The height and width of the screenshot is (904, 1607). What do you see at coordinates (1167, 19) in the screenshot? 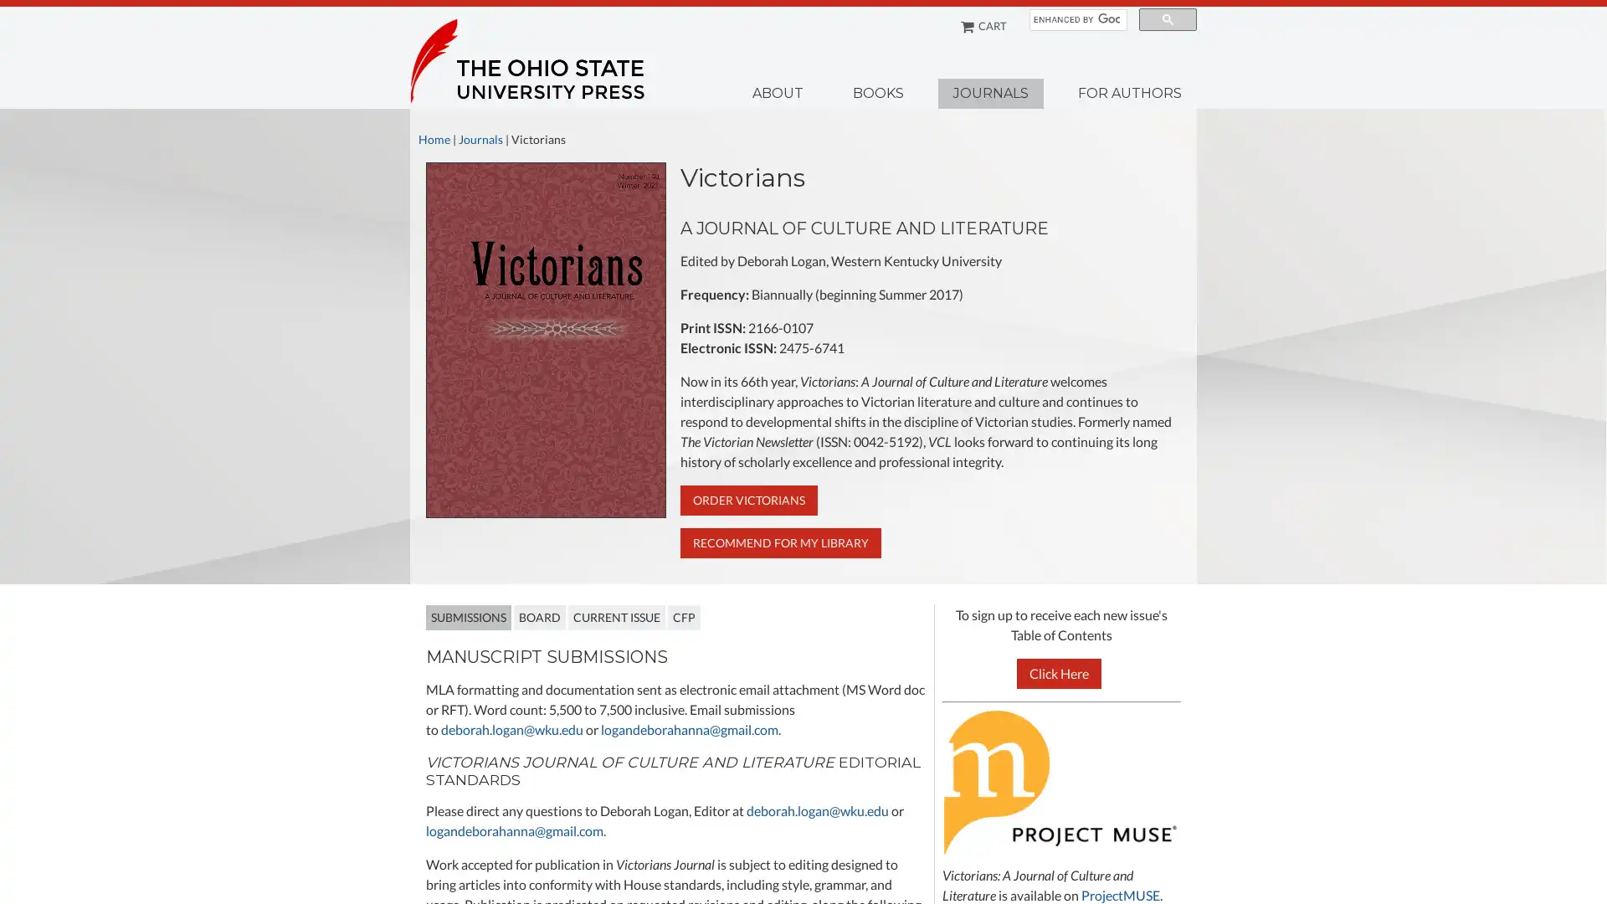
I see `search` at bounding box center [1167, 19].